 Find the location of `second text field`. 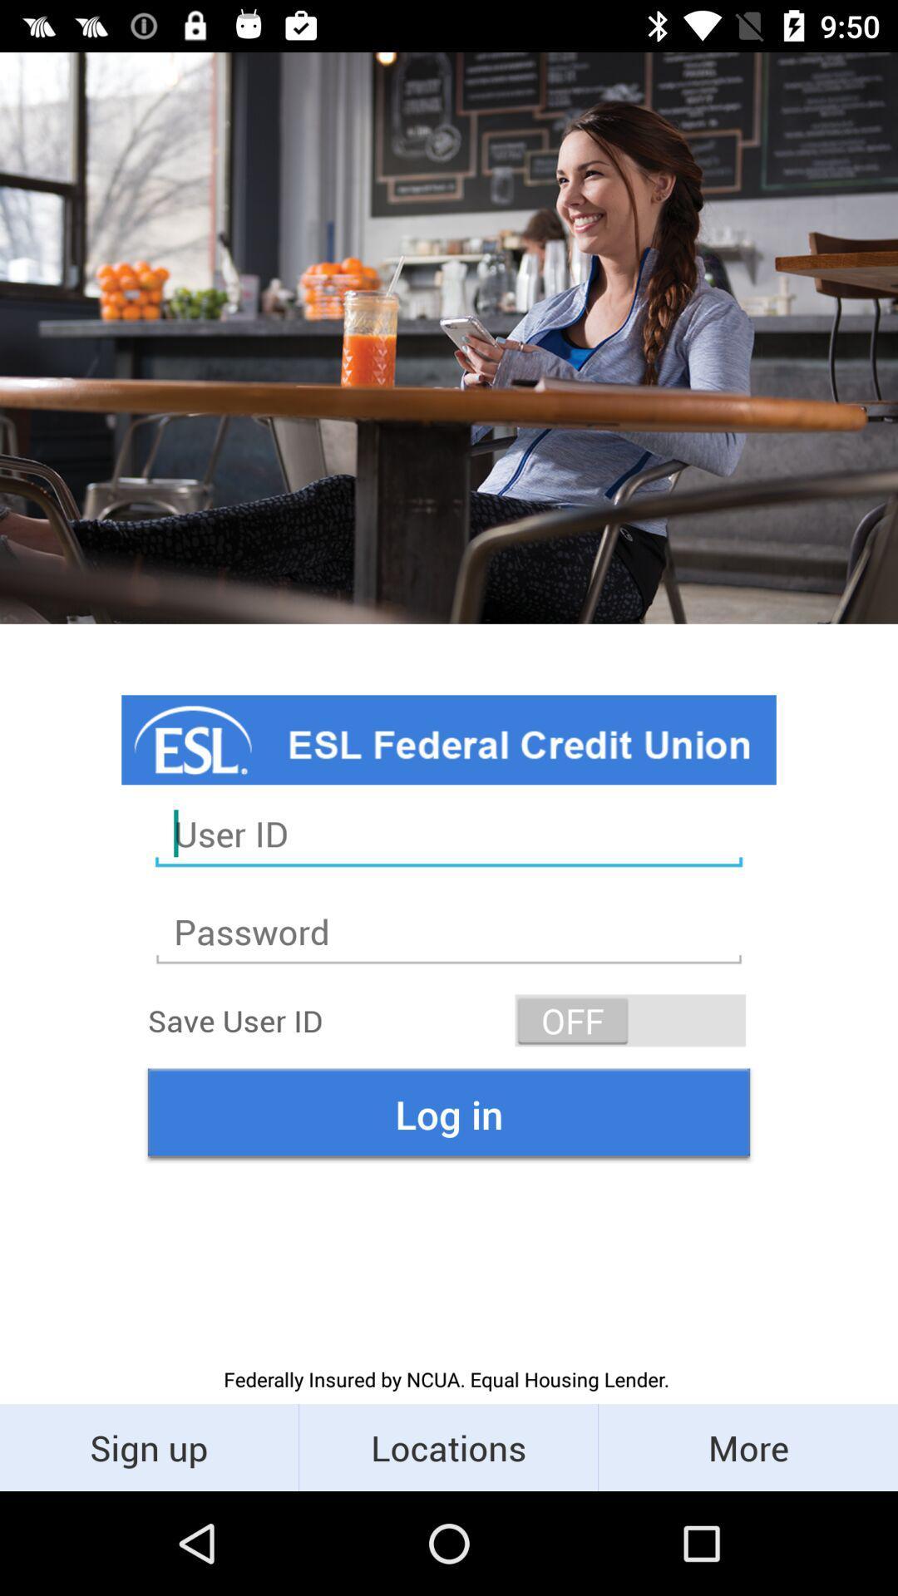

second text field is located at coordinates (449, 932).